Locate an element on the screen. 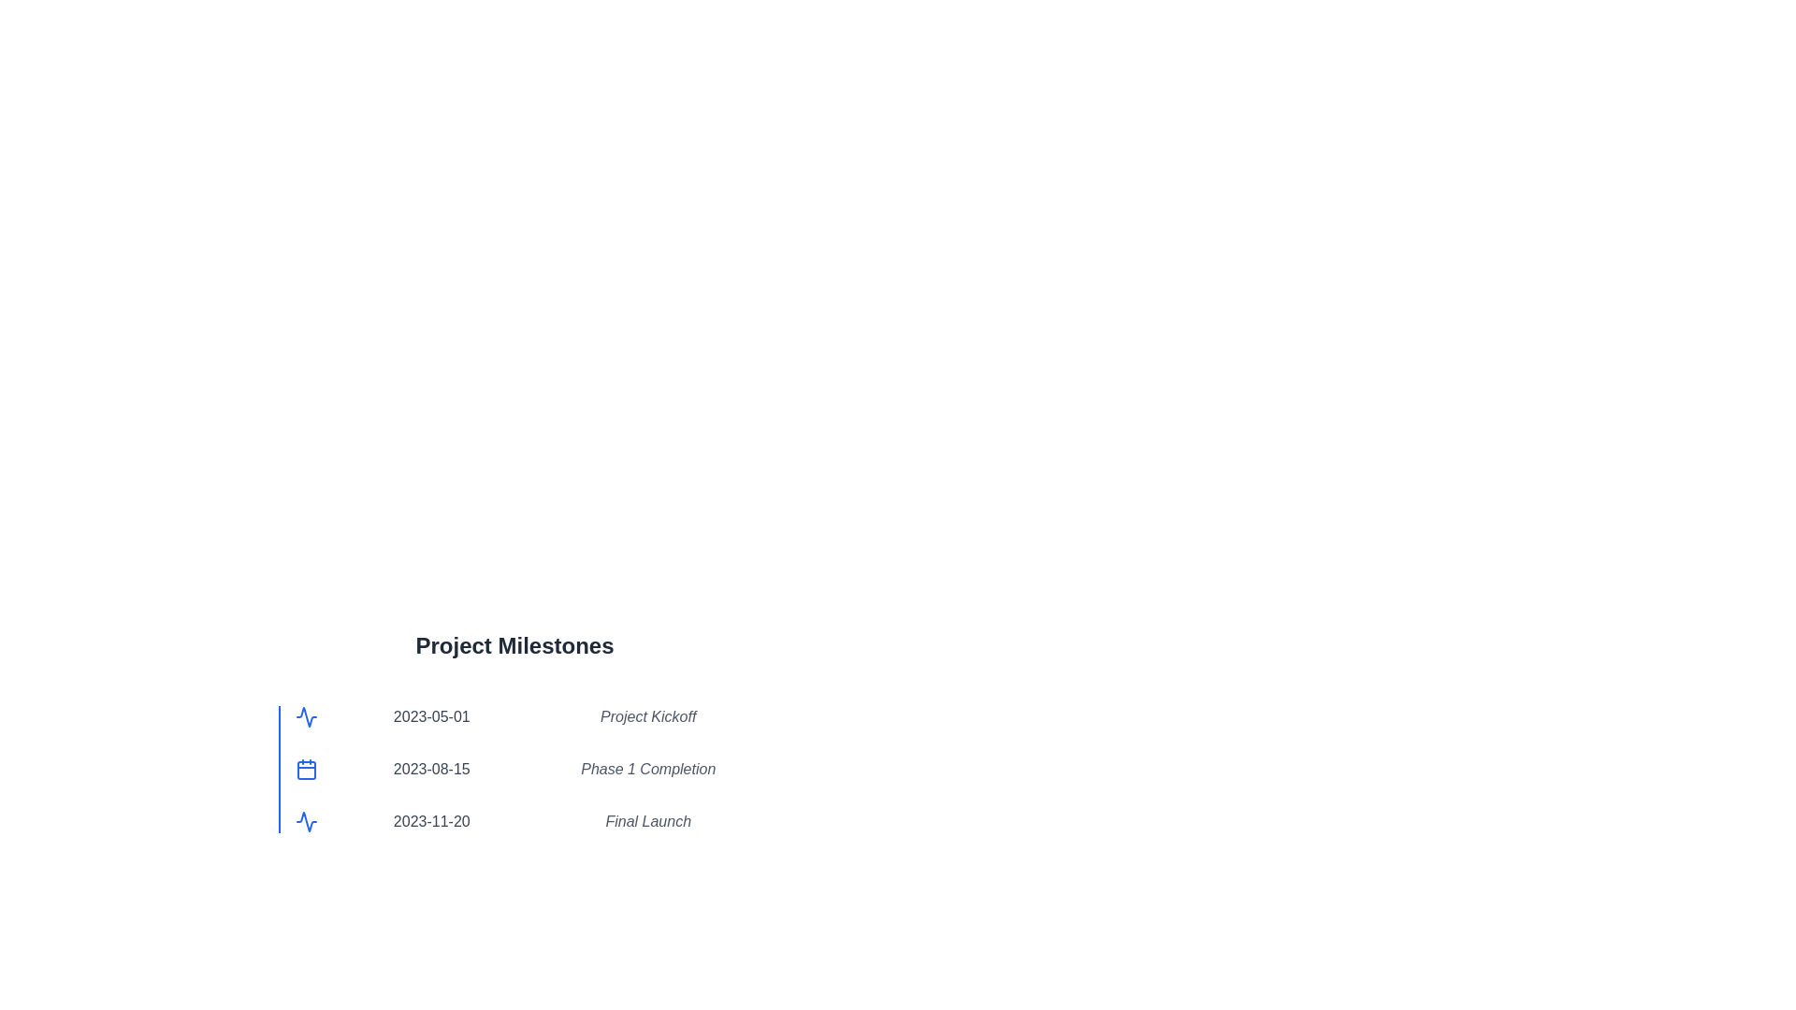 This screenshot has width=1796, height=1010. the Text label representing the date for the second row milestone, positioned between the blue calendar icon and the 'Phase 1 Completion' label is located at coordinates (430, 769).